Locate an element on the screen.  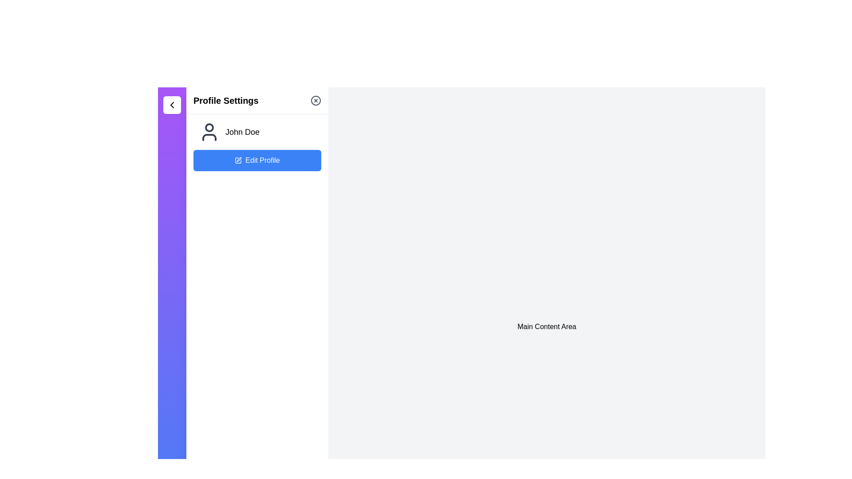
text 'Edit Profile' displayed in white on a blue button, located below the user name 'John Doe' and next to the pencil icon is located at coordinates (262, 161).